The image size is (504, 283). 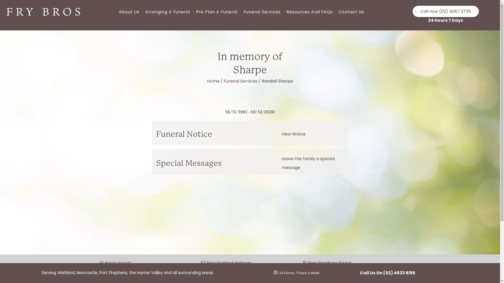 I want to click on 'Home', so click(x=207, y=81).